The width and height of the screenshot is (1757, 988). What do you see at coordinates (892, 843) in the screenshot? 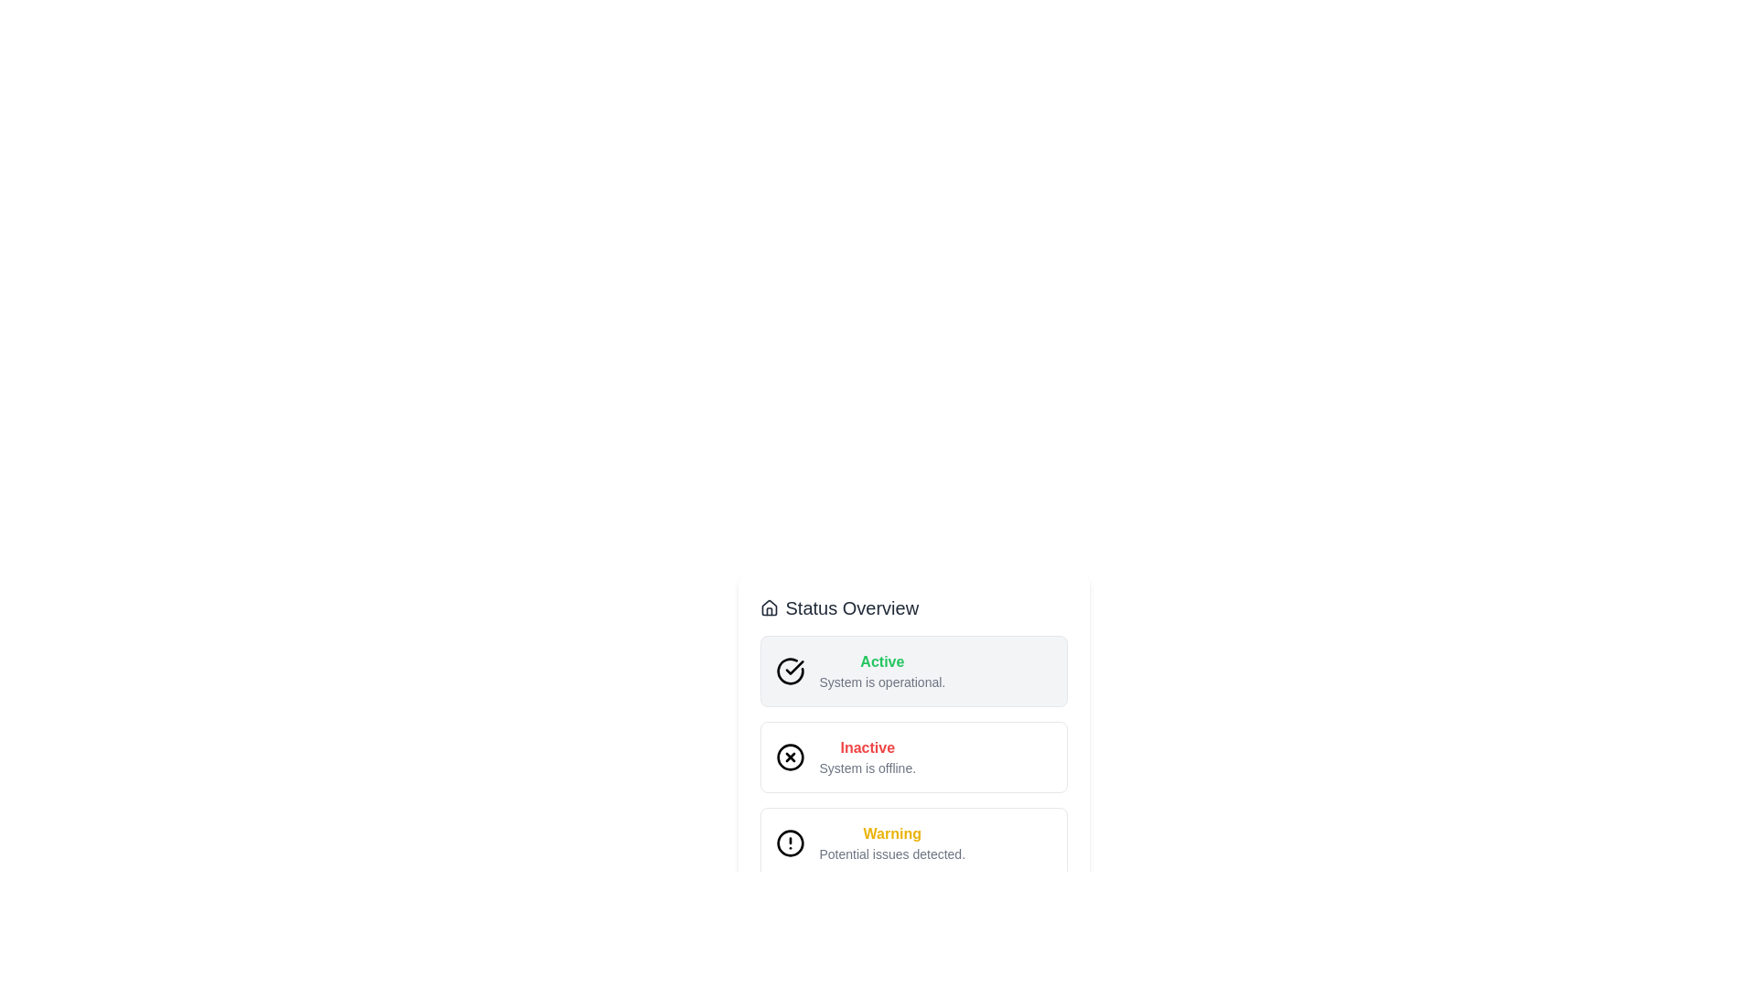
I see `the warning Text label positioned in the third row below 'Active' and 'Inactive' entries, aligned to the left of the row next to an icon` at bounding box center [892, 843].